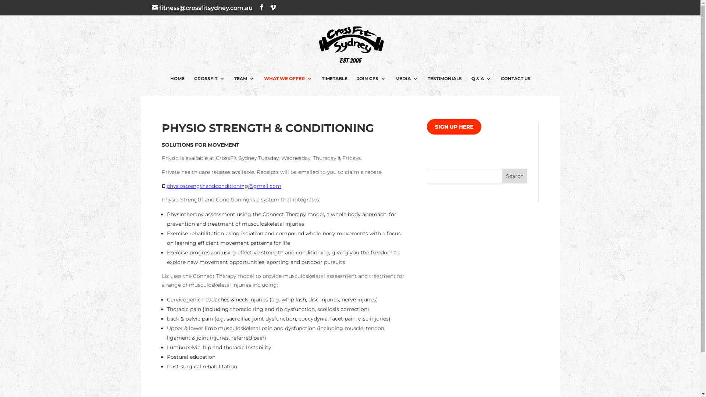  What do you see at coordinates (288, 81) in the screenshot?
I see `'WHAT WE OFFER'` at bounding box center [288, 81].